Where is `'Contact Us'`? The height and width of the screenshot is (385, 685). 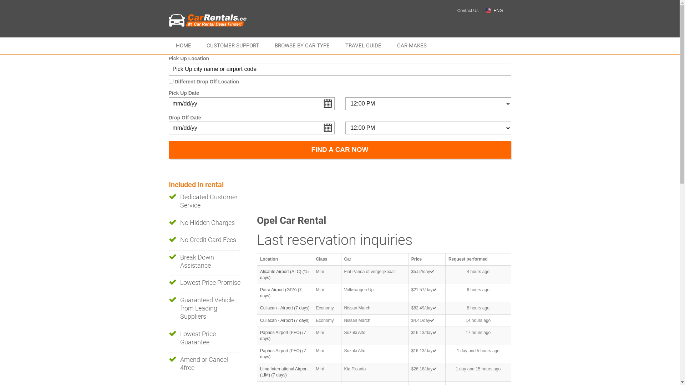
'Contact Us' is located at coordinates (468, 11).